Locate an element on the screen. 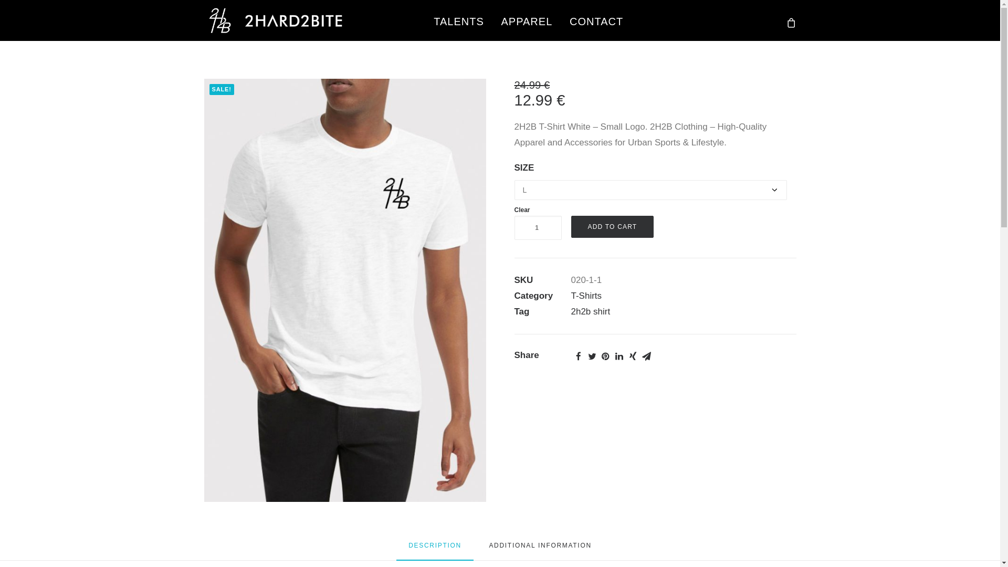 The height and width of the screenshot is (567, 1008). 'T-Shirts' is located at coordinates (586, 296).